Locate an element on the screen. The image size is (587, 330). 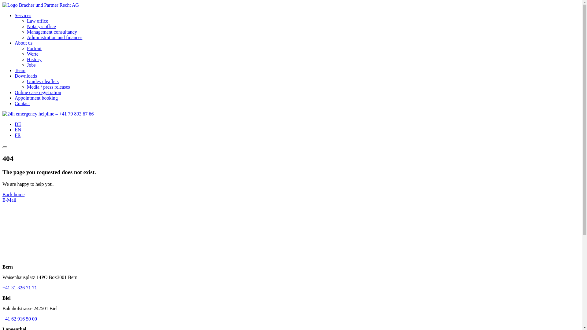
'Online case registration' is located at coordinates (38, 92).